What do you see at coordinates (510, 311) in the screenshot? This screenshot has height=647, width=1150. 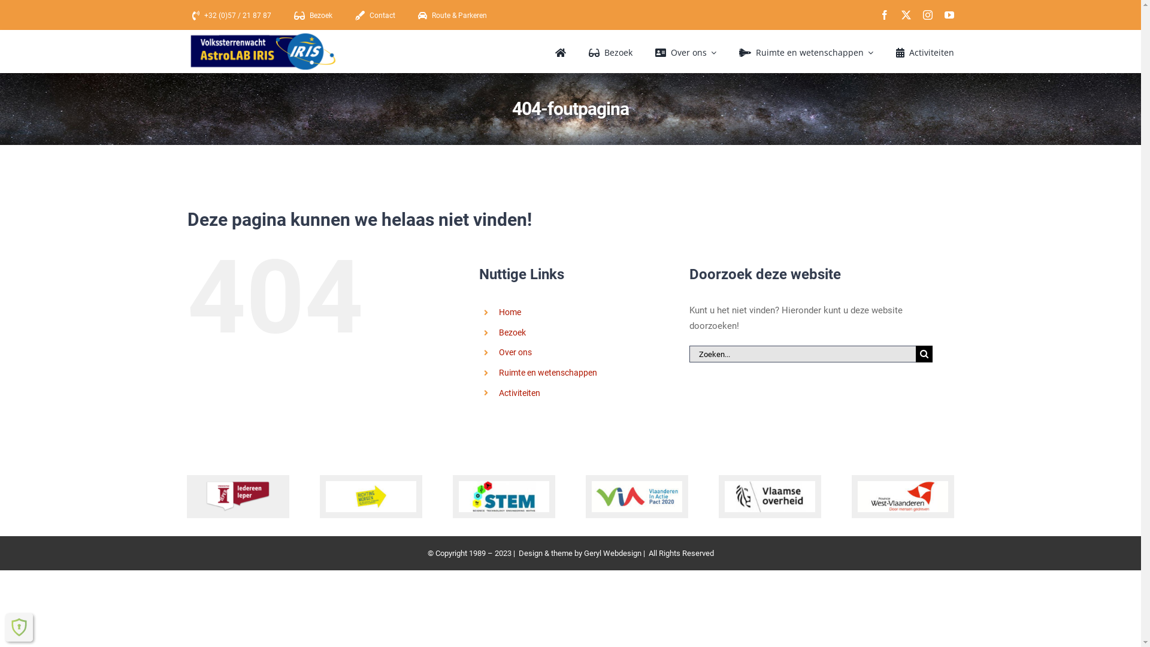 I see `'Home'` at bounding box center [510, 311].